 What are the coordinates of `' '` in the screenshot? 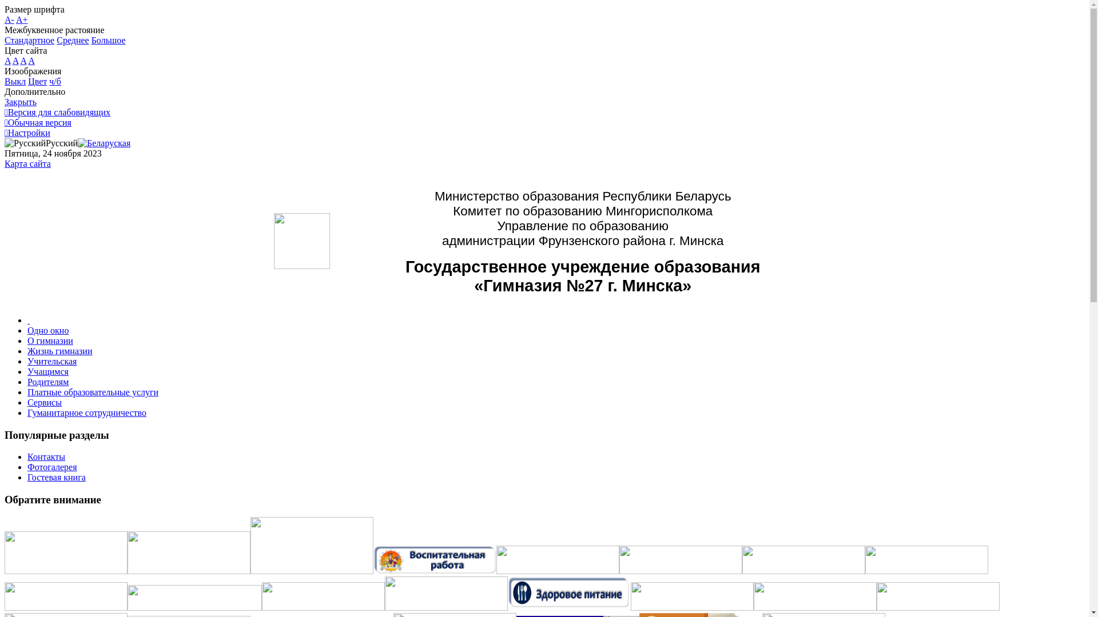 It's located at (28, 320).